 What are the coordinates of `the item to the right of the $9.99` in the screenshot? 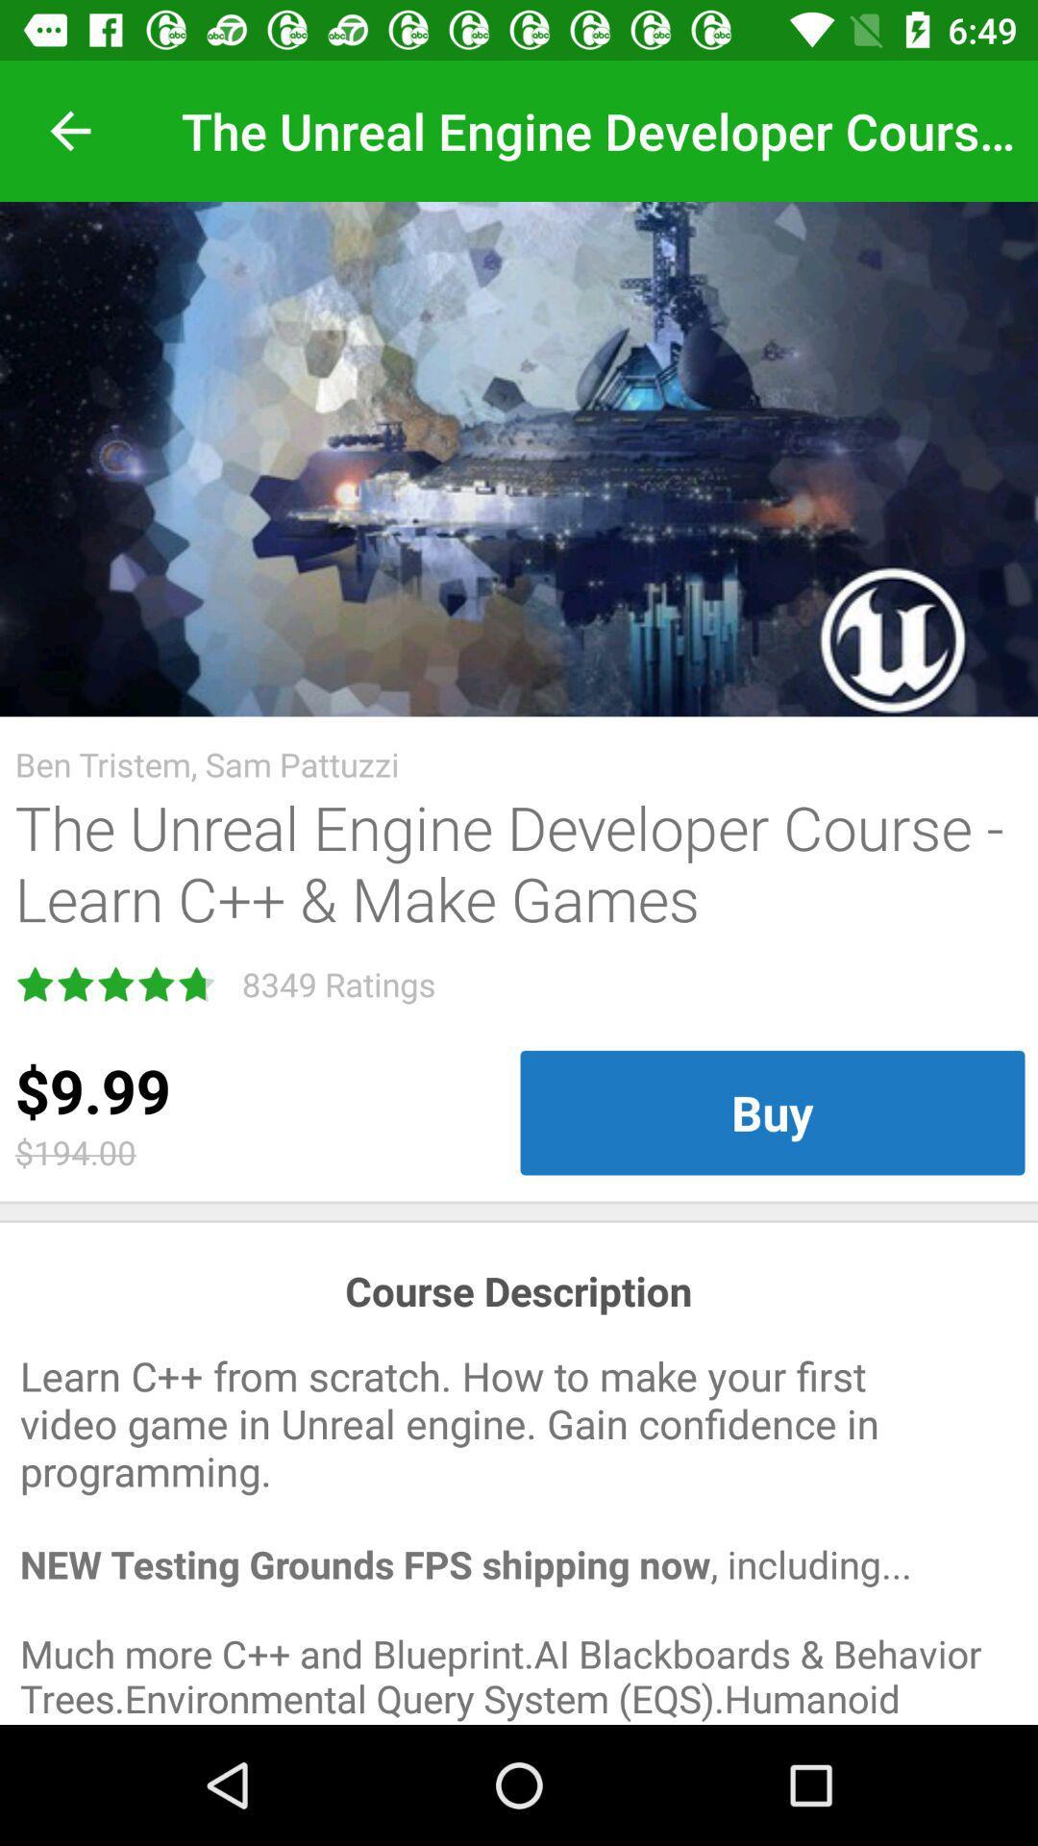 It's located at (771, 1112).